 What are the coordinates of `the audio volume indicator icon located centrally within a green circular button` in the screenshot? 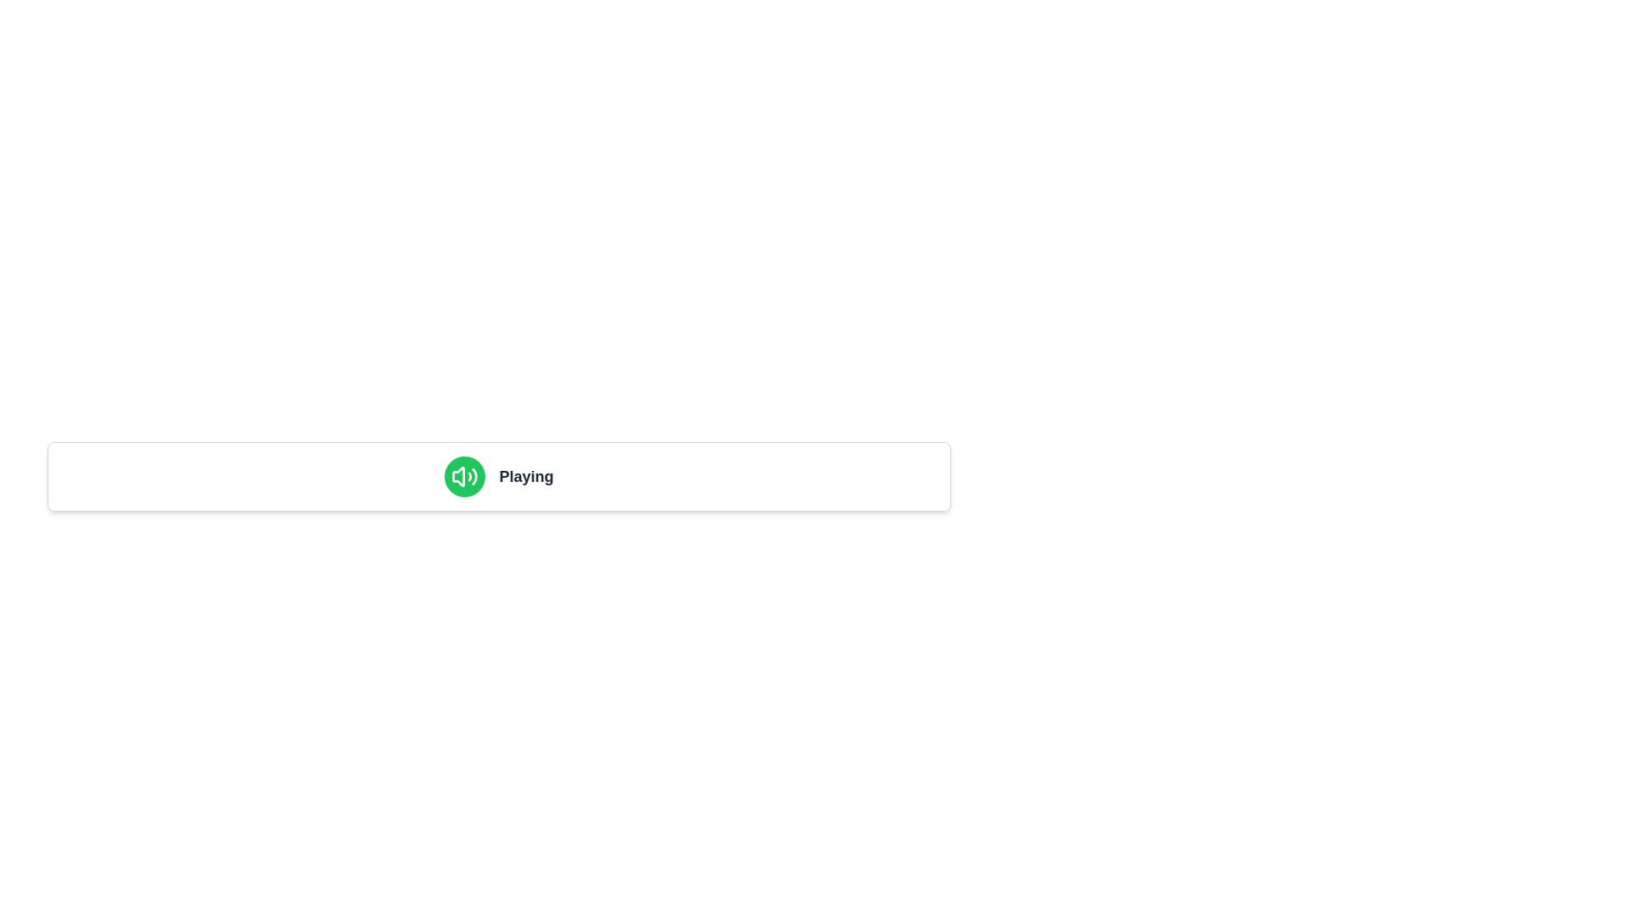 It's located at (465, 476).